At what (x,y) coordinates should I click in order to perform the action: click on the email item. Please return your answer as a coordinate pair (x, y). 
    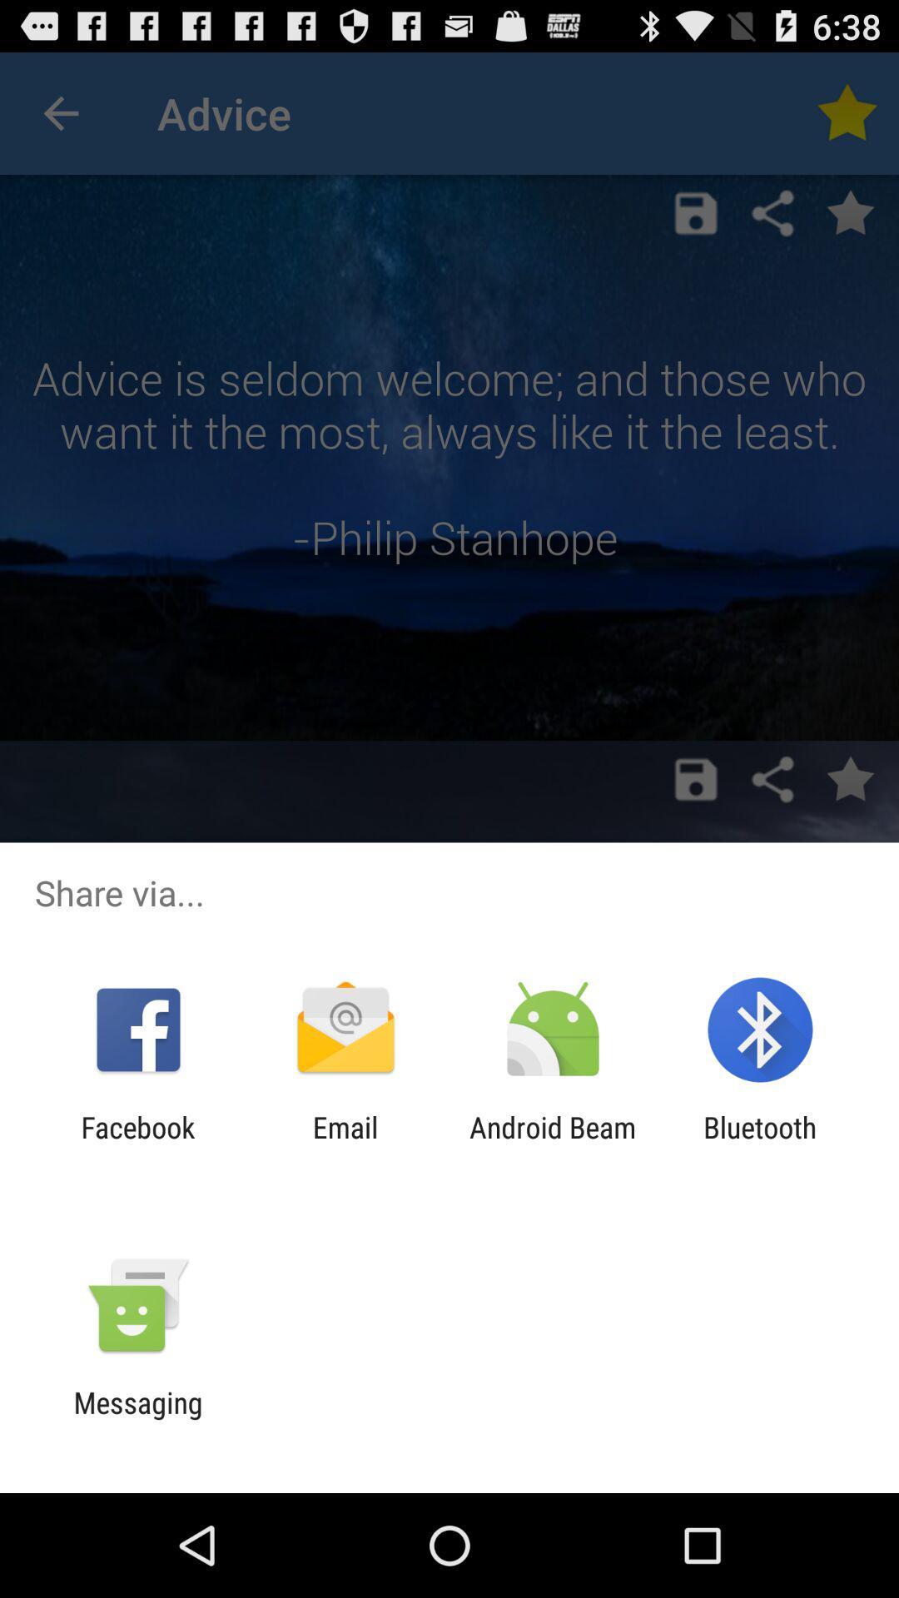
    Looking at the image, I should click on (345, 1144).